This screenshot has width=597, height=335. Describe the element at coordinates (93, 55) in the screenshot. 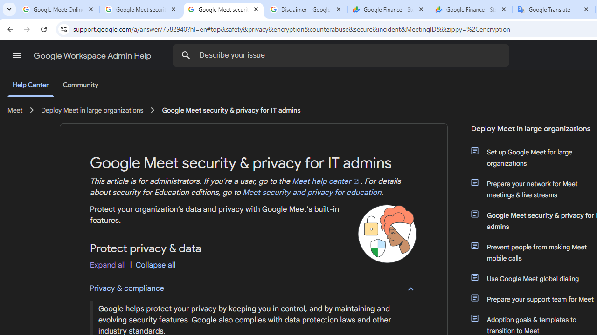

I see `'Google Workspace Admin Help'` at that location.